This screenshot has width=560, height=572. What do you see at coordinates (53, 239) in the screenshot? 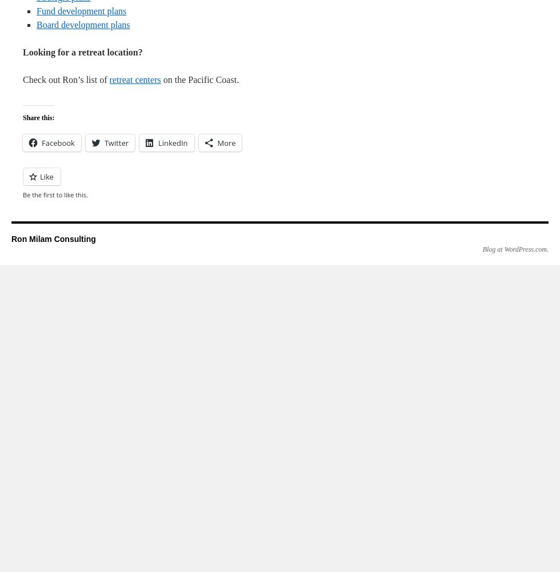
I see `'Ron Milam Consulting'` at bounding box center [53, 239].